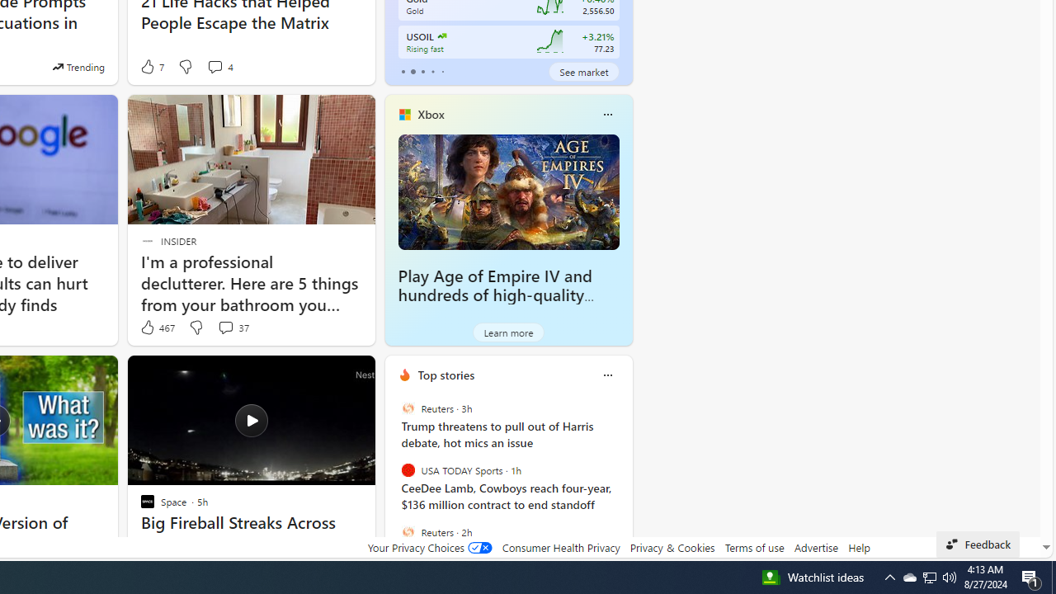 The image size is (1056, 594). What do you see at coordinates (606, 375) in the screenshot?
I see `'Class: icon-img'` at bounding box center [606, 375].